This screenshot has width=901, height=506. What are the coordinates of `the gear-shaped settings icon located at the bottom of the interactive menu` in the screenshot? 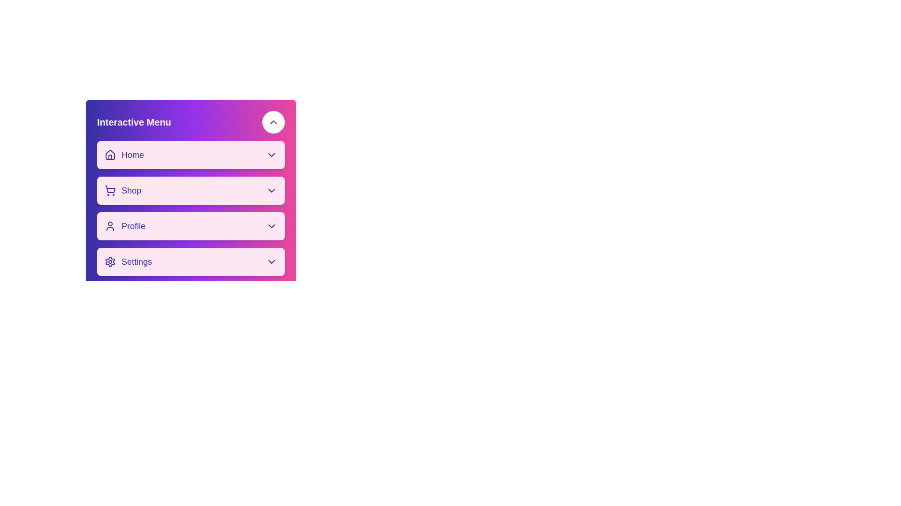 It's located at (110, 262).